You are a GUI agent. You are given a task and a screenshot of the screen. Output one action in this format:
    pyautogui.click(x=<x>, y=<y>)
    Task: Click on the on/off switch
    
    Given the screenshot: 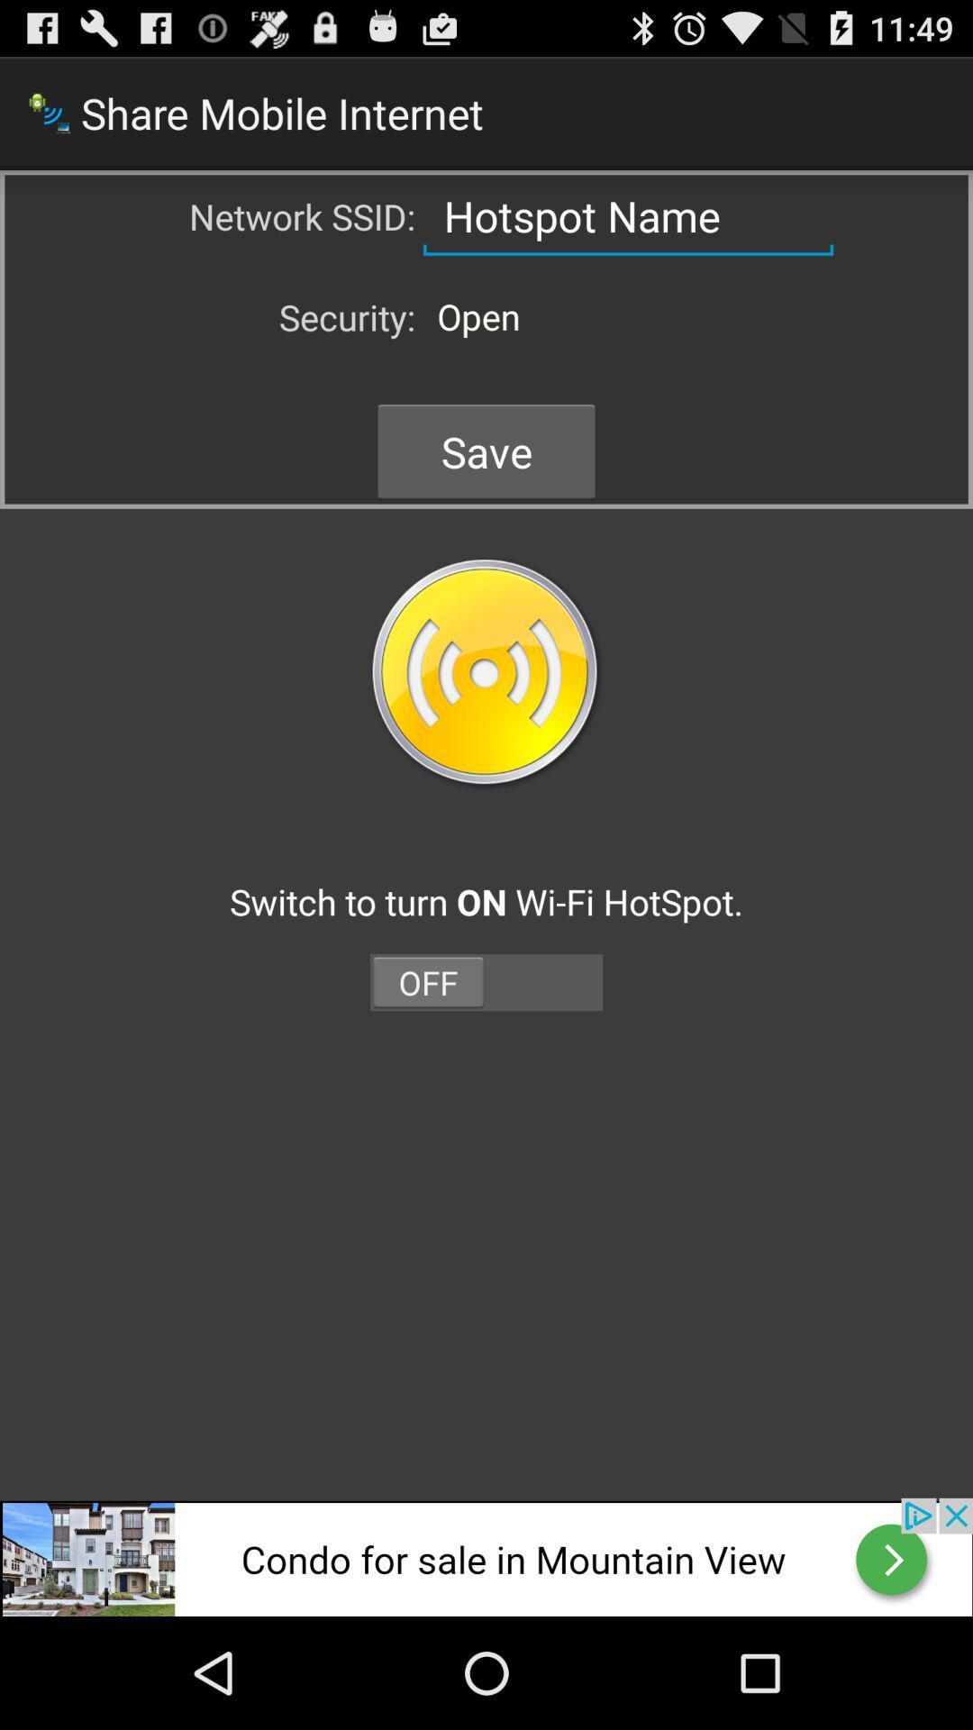 What is the action you would take?
    pyautogui.click(x=486, y=981)
    